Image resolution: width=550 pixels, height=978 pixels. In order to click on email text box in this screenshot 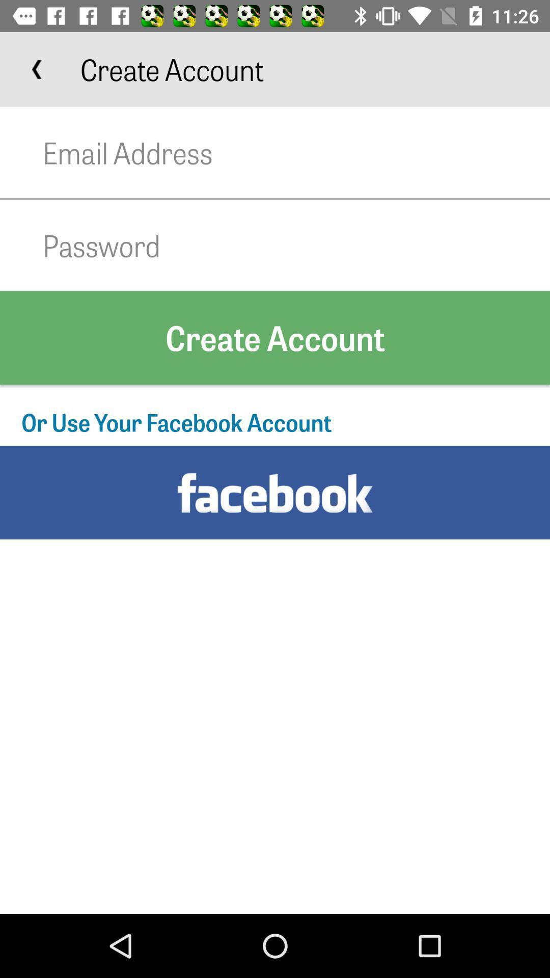, I will do `click(296, 152)`.